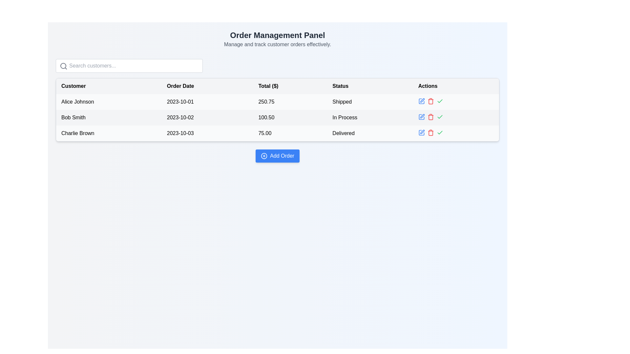 Image resolution: width=630 pixels, height=354 pixels. I want to click on instructional text label located directly below the 'Order Management Panel' heading, which serves as a descriptive subtitle for the panel, so click(277, 44).